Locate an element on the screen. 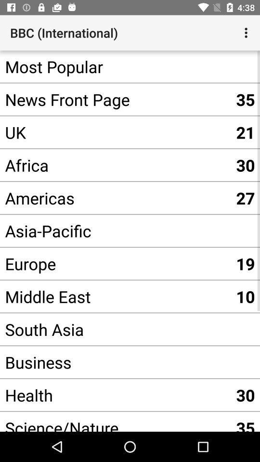 The image size is (260, 462). science/nature is located at coordinates (115, 421).